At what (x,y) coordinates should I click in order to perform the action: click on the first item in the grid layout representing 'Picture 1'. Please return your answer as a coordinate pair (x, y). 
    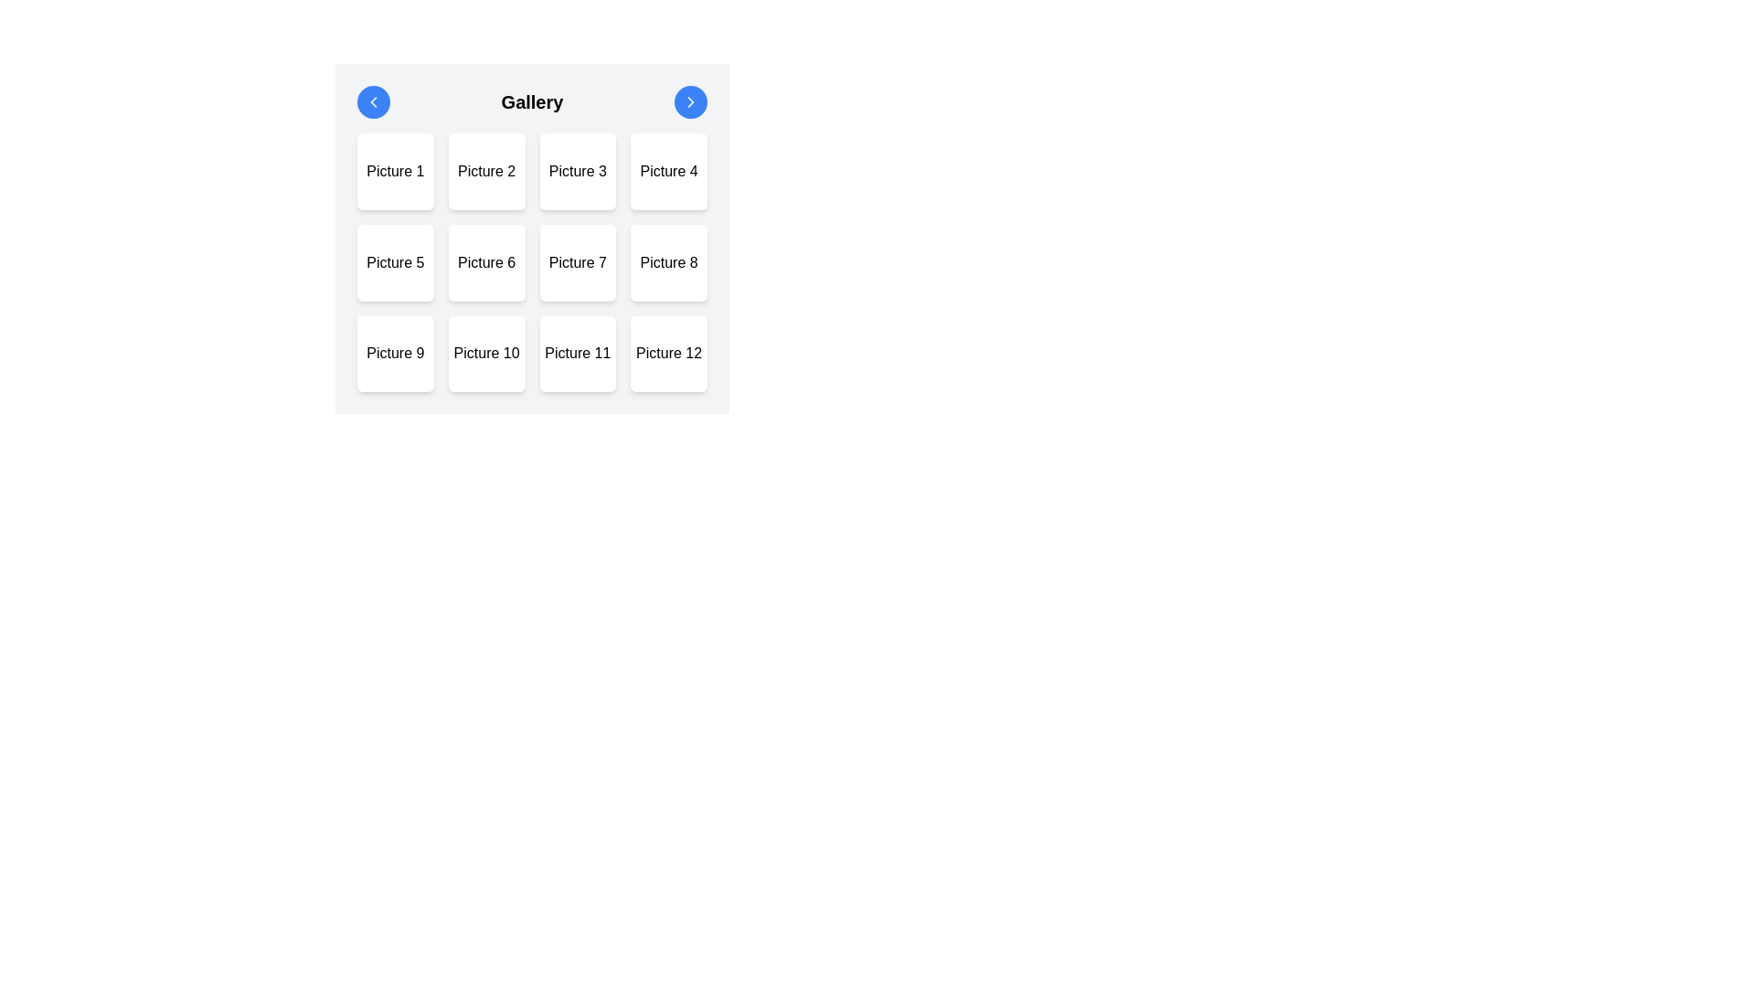
    Looking at the image, I should click on (394, 171).